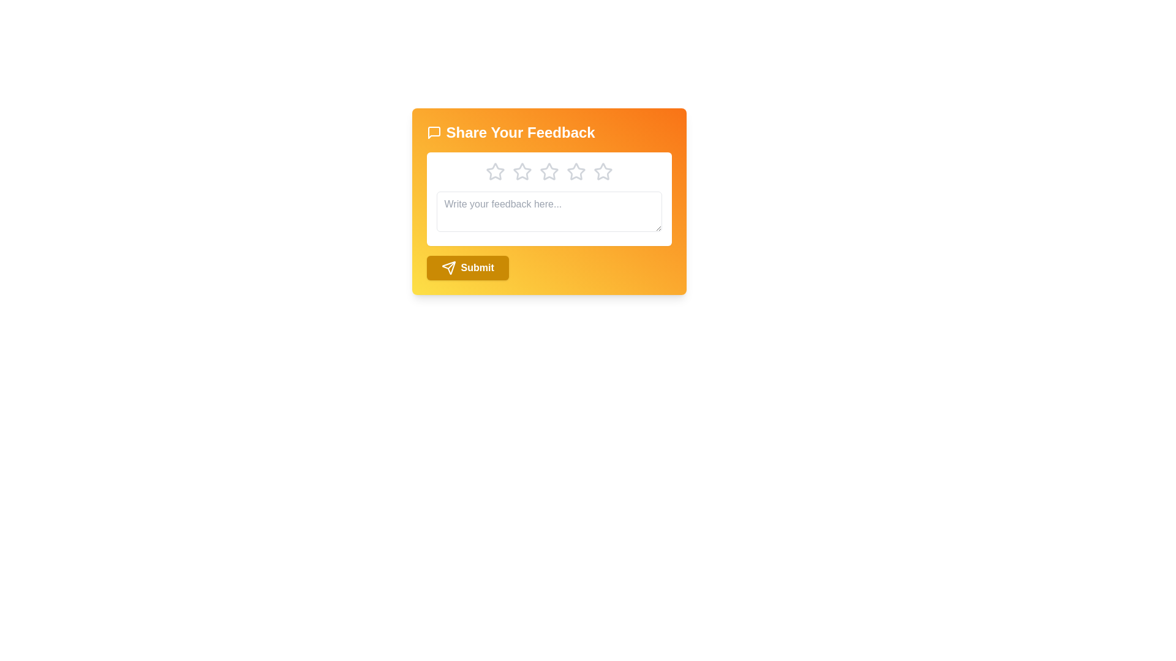 The width and height of the screenshot is (1176, 661). I want to click on the first rating star icon located near the top center of the 'Share Your Feedback' panel, so click(495, 171).